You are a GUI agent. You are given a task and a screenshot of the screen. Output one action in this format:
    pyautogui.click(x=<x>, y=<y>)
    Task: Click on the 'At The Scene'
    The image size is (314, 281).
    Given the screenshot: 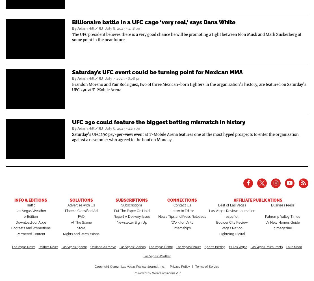 What is the action you would take?
    pyautogui.click(x=81, y=222)
    